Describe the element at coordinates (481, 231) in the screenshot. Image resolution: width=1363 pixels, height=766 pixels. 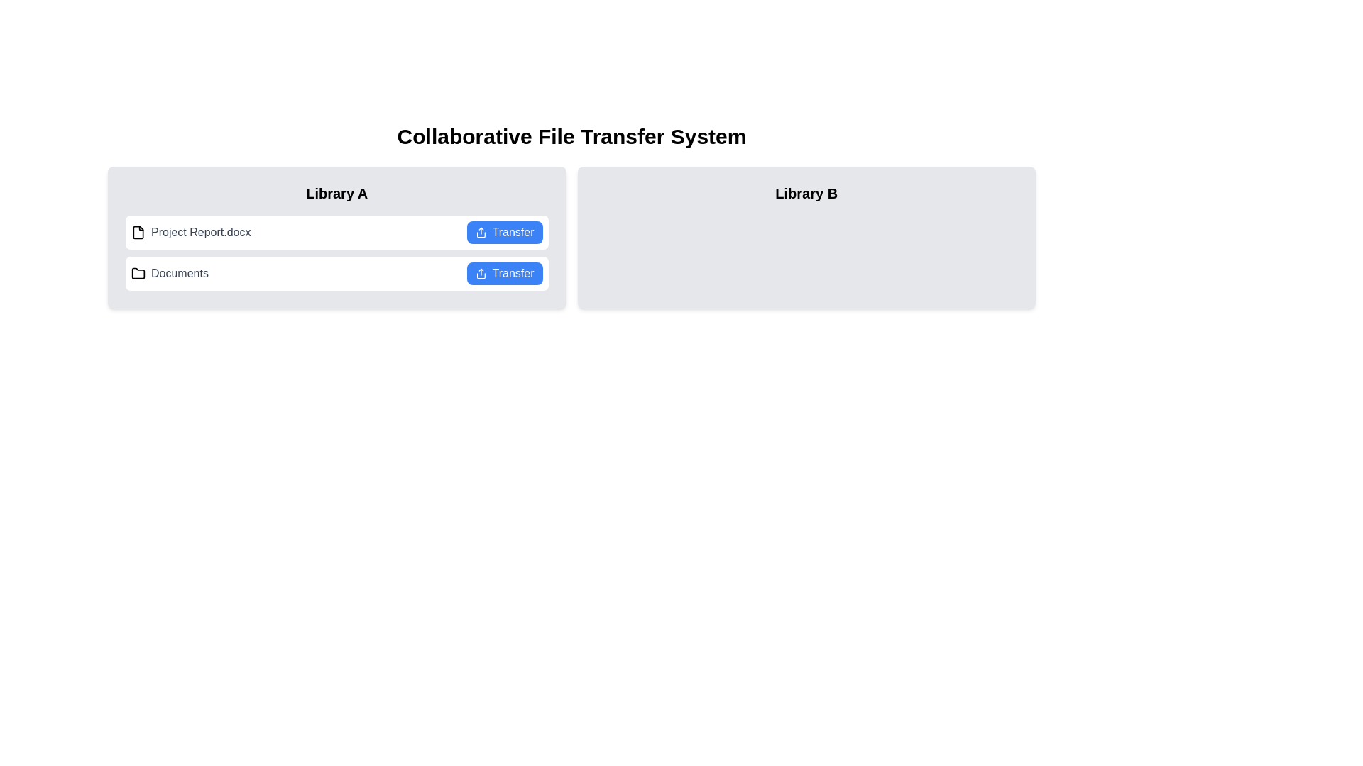
I see `the sharing/upload icon located within the blue 'Transfer' button, which is positioned to the right of 'Project Report.docx' in the file listing area under 'Library A'` at that location.